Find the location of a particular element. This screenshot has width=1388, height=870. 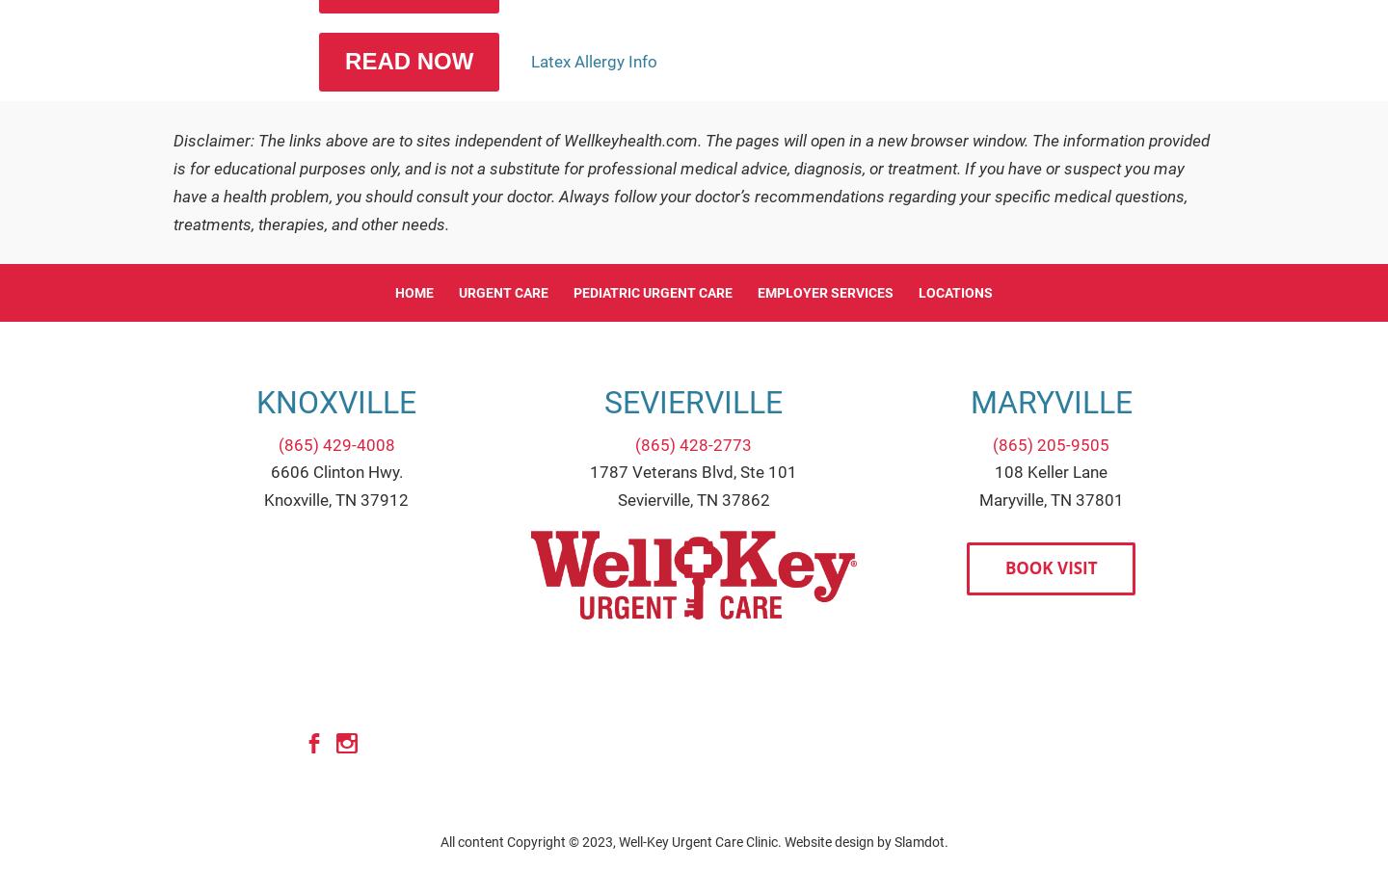

'Urgent Care' is located at coordinates (502, 292).